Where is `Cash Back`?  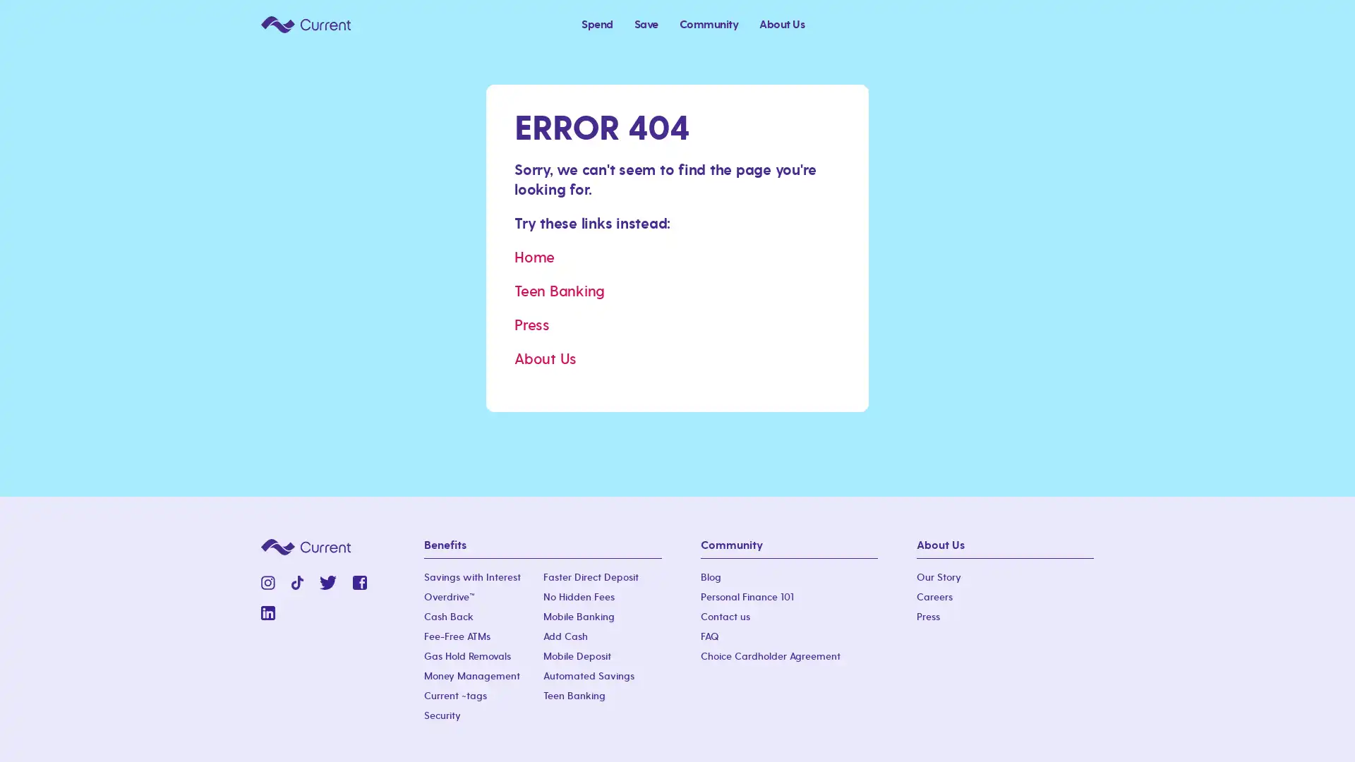
Cash Back is located at coordinates (448, 617).